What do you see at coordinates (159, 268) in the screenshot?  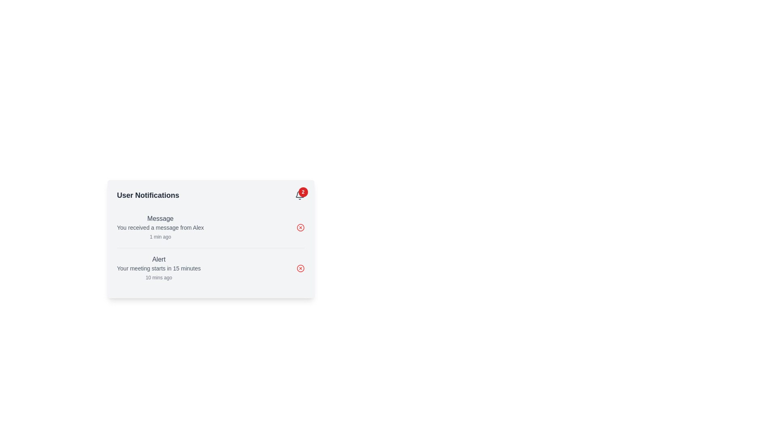 I see `the second notification card displaying 'Alert' with the message 'Your meeting starts in 15 minutes'` at bounding box center [159, 268].